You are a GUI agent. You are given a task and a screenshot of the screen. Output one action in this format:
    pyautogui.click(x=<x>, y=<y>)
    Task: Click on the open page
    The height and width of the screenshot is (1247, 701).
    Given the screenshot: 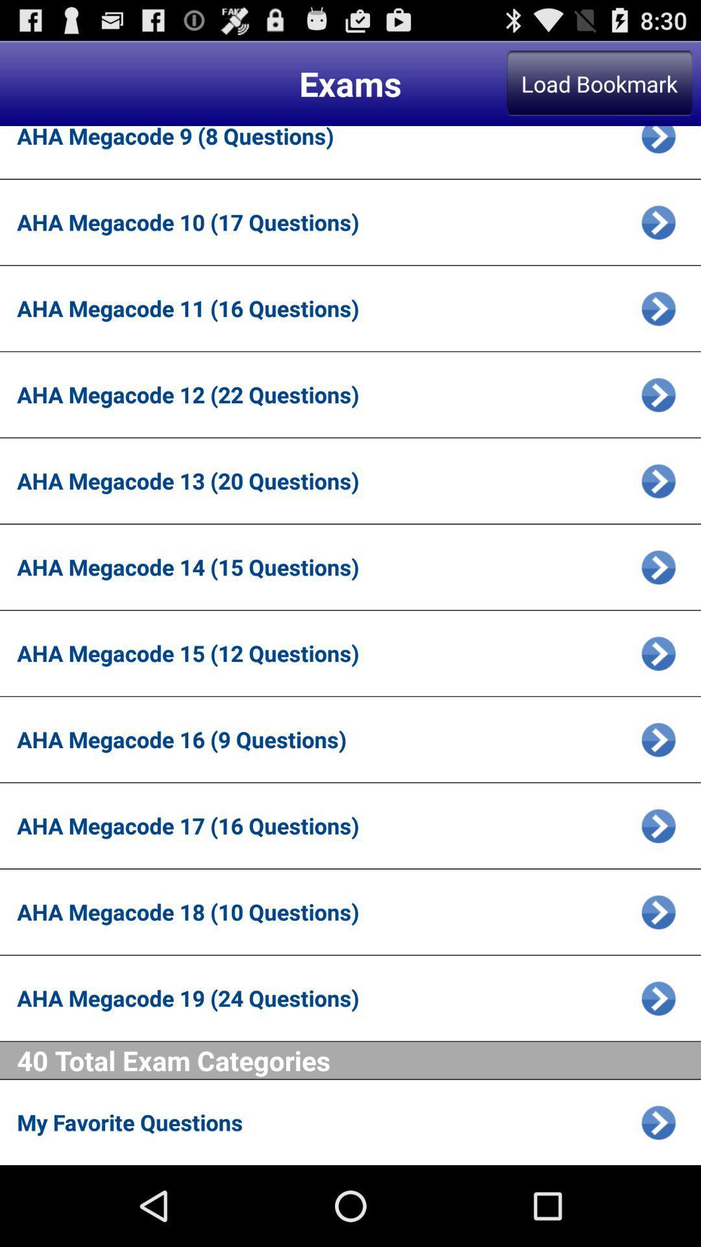 What is the action you would take?
    pyautogui.click(x=658, y=911)
    